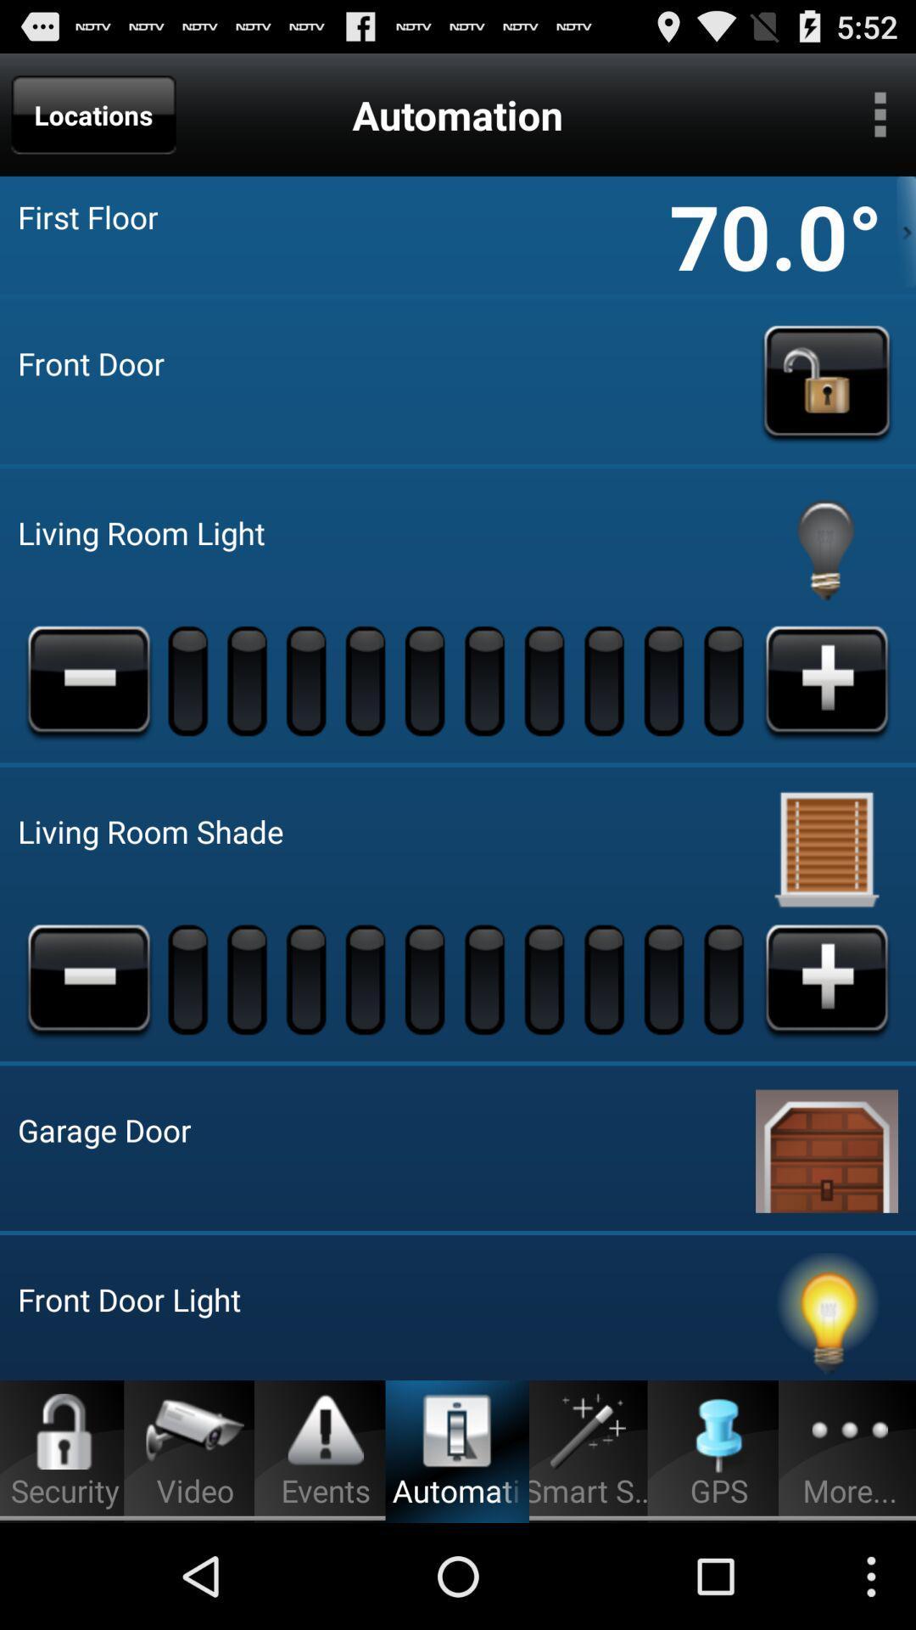 The image size is (916, 1630). I want to click on open garage door, so click(826, 1148).